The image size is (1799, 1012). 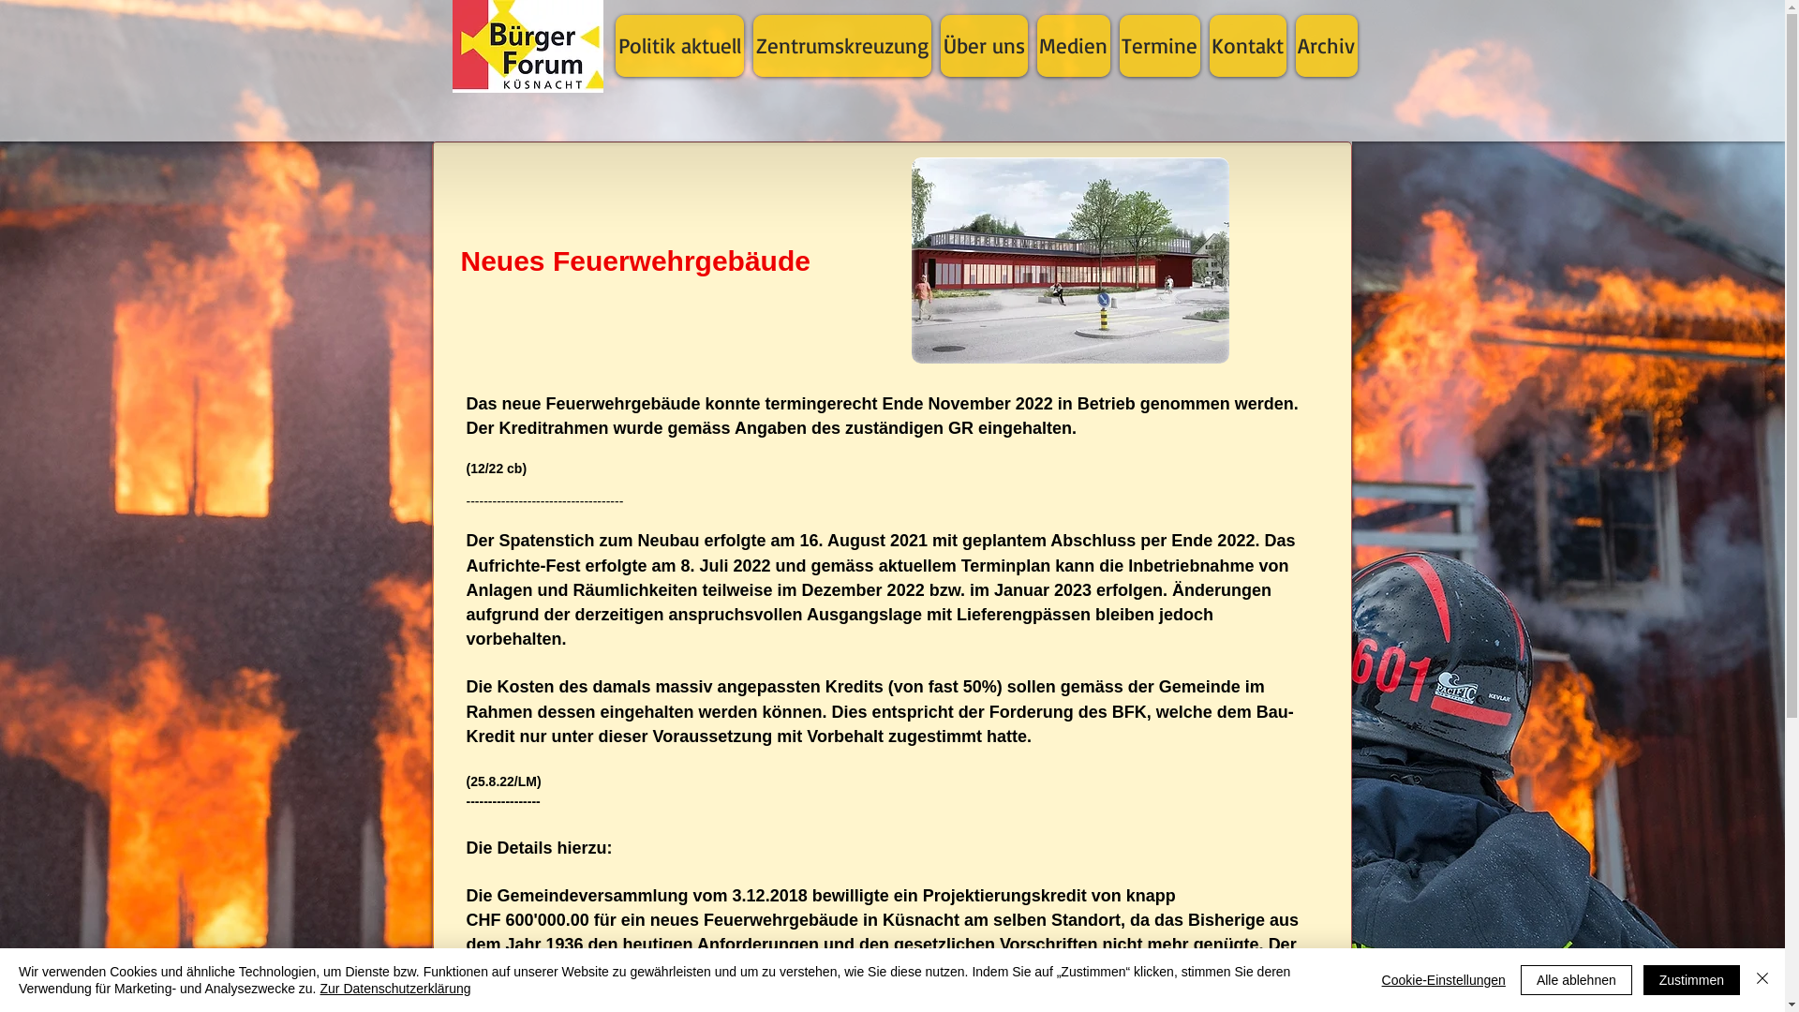 I want to click on 'Startseite', so click(x=526, y=45).